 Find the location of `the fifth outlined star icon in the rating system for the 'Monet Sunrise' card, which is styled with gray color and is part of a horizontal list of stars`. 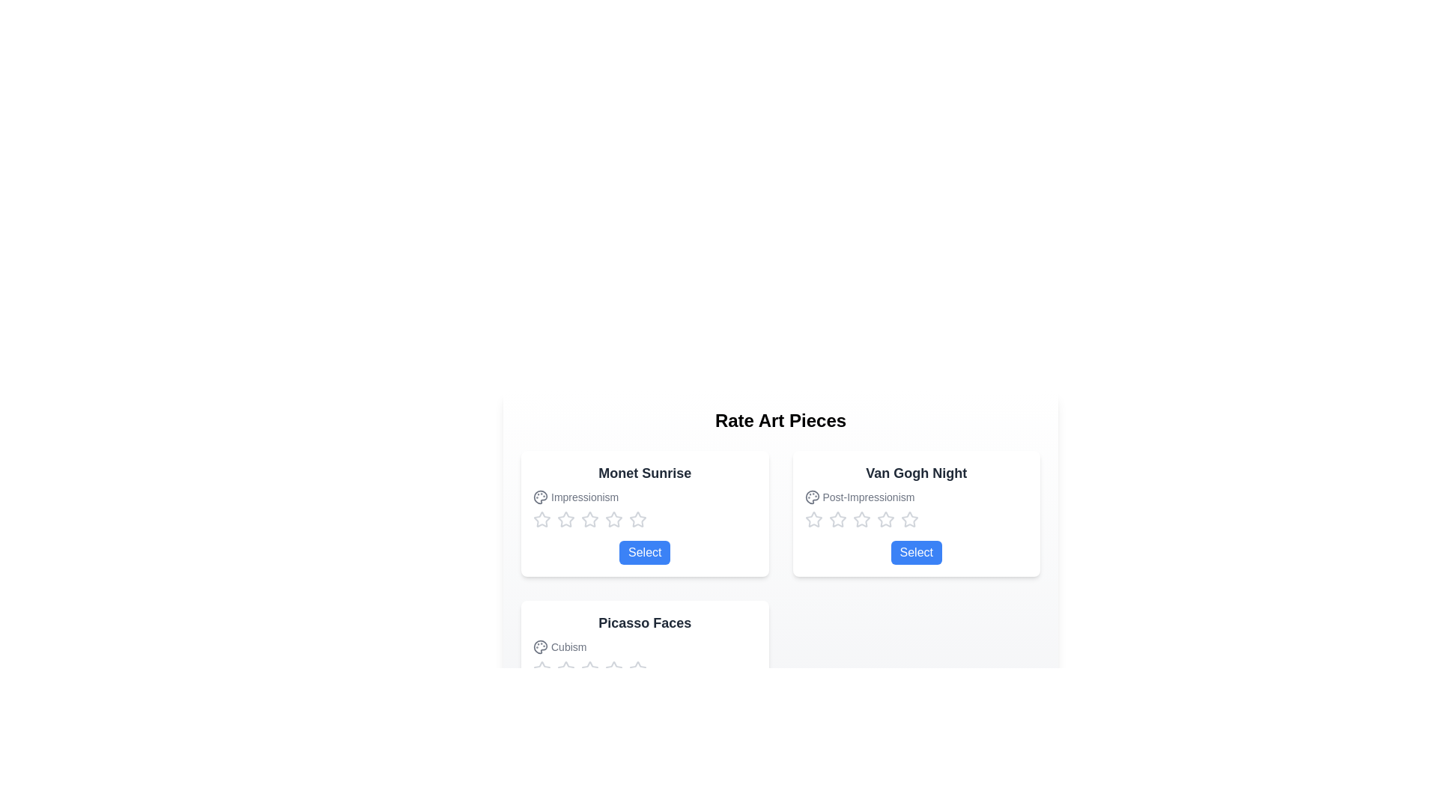

the fifth outlined star icon in the rating system for the 'Monet Sunrise' card, which is styled with gray color and is part of a horizontal list of stars is located at coordinates (637, 519).